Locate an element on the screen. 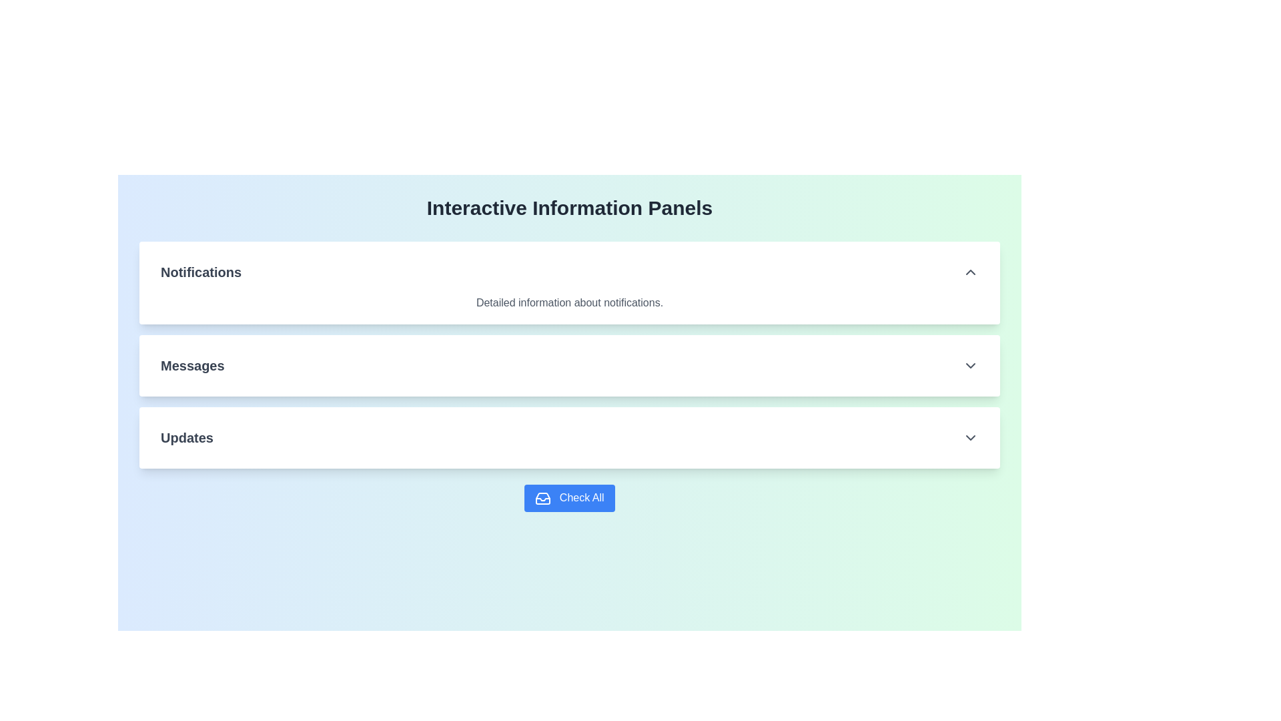 The image size is (1281, 721). text of the Label or text heading located in the second panel, positioned below the 'Notifications' panel and above the 'Updates' panel, aligned towards the left is located at coordinates (191, 365).